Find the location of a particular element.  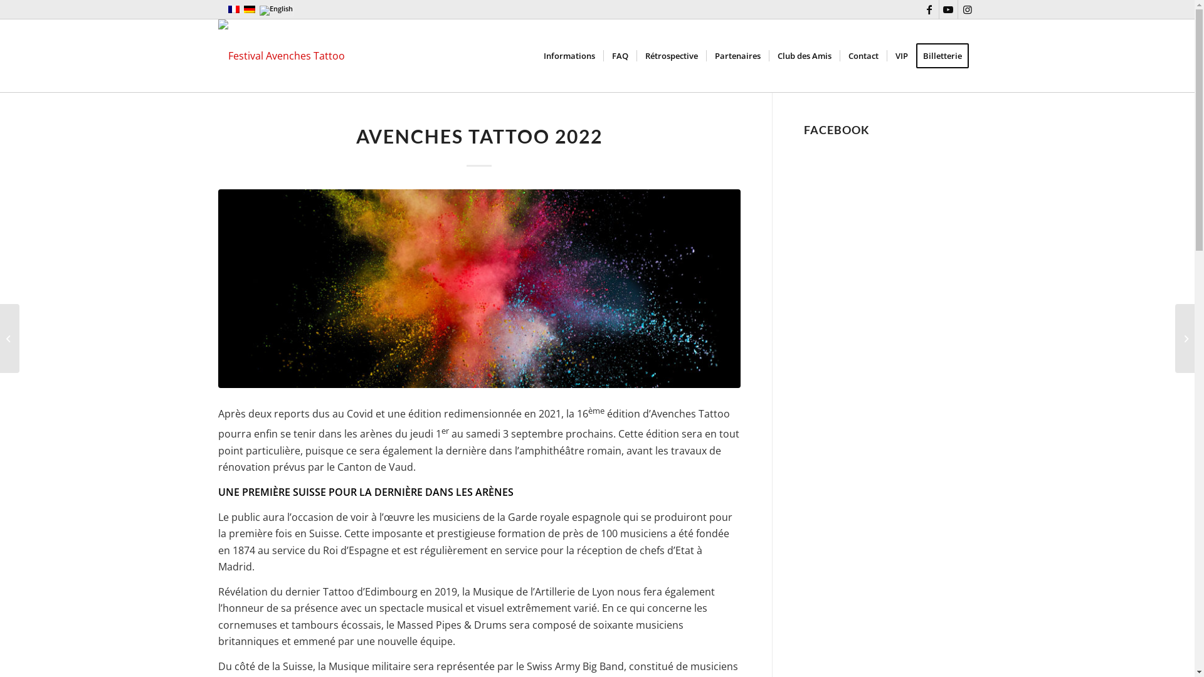

'Club des Amis' is located at coordinates (804, 55).